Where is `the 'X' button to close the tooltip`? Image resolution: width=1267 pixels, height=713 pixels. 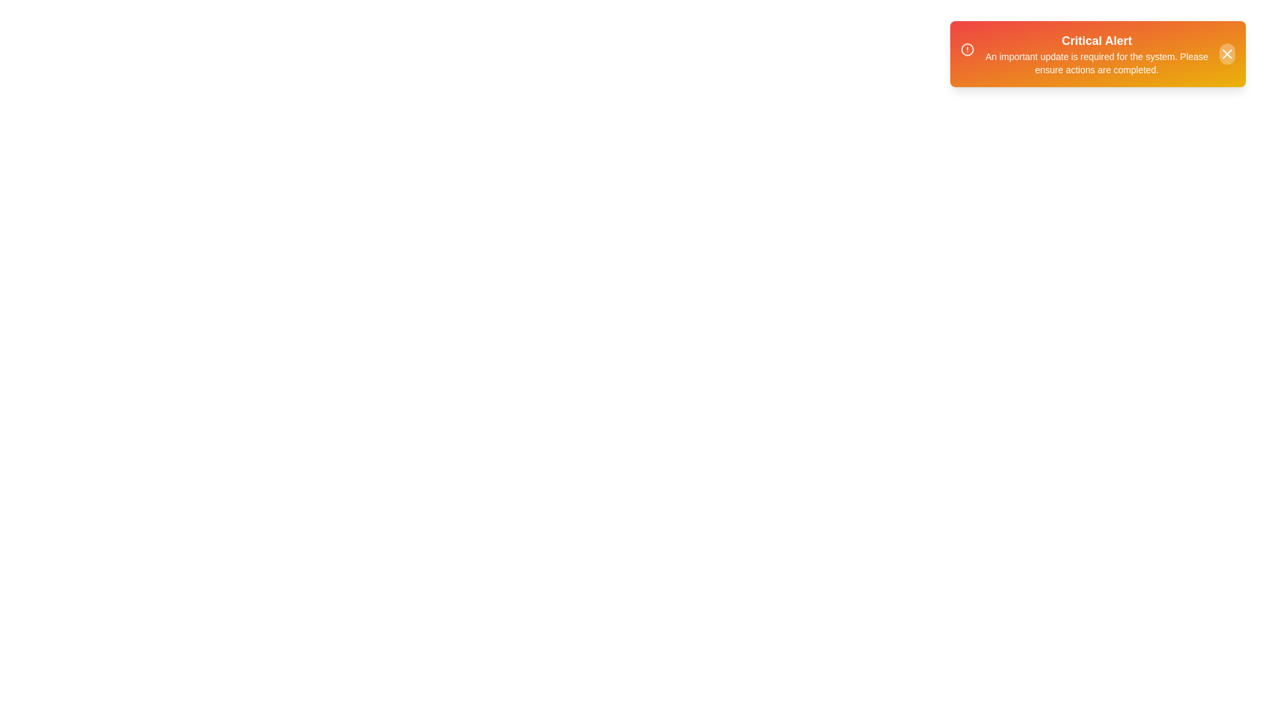
the 'X' button to close the tooltip is located at coordinates (1227, 53).